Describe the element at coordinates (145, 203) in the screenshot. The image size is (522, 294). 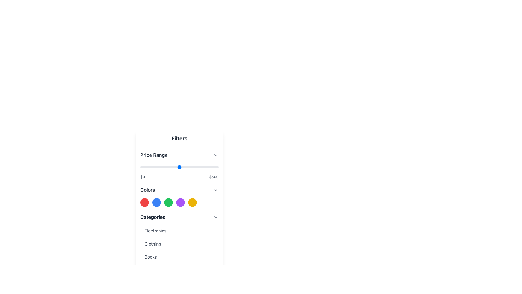
I see `the first circular button in the row under the 'Colors' label` at that location.